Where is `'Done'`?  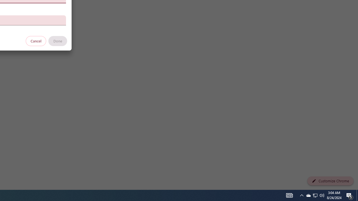 'Done' is located at coordinates (58, 40).